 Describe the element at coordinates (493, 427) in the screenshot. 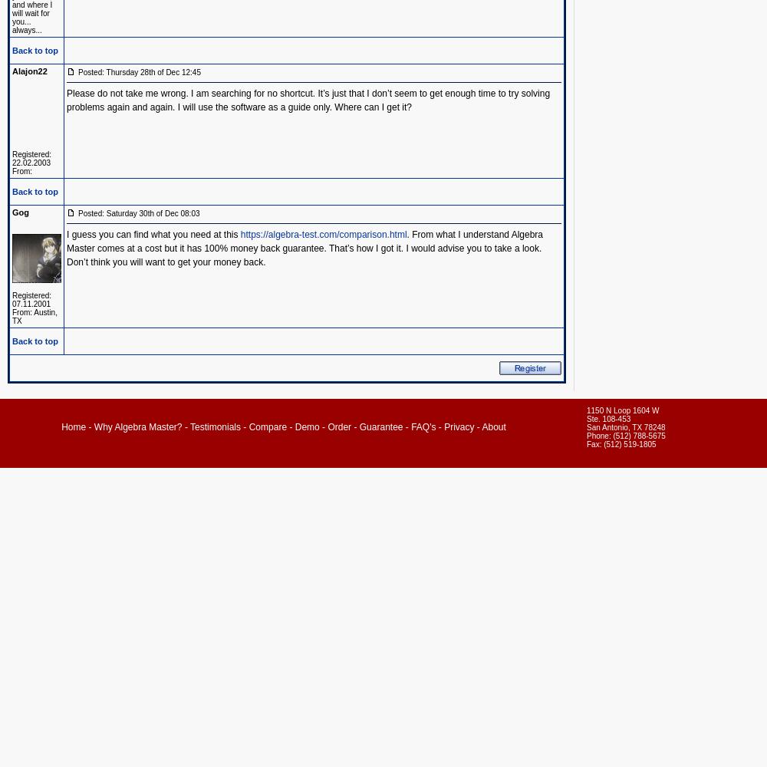

I see `'About'` at that location.